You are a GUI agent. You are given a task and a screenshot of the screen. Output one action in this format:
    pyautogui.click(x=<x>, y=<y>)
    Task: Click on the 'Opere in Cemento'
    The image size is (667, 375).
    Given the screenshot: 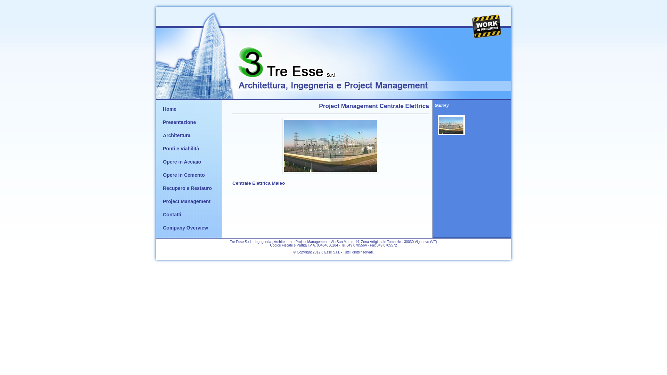 What is the action you would take?
    pyautogui.click(x=184, y=175)
    